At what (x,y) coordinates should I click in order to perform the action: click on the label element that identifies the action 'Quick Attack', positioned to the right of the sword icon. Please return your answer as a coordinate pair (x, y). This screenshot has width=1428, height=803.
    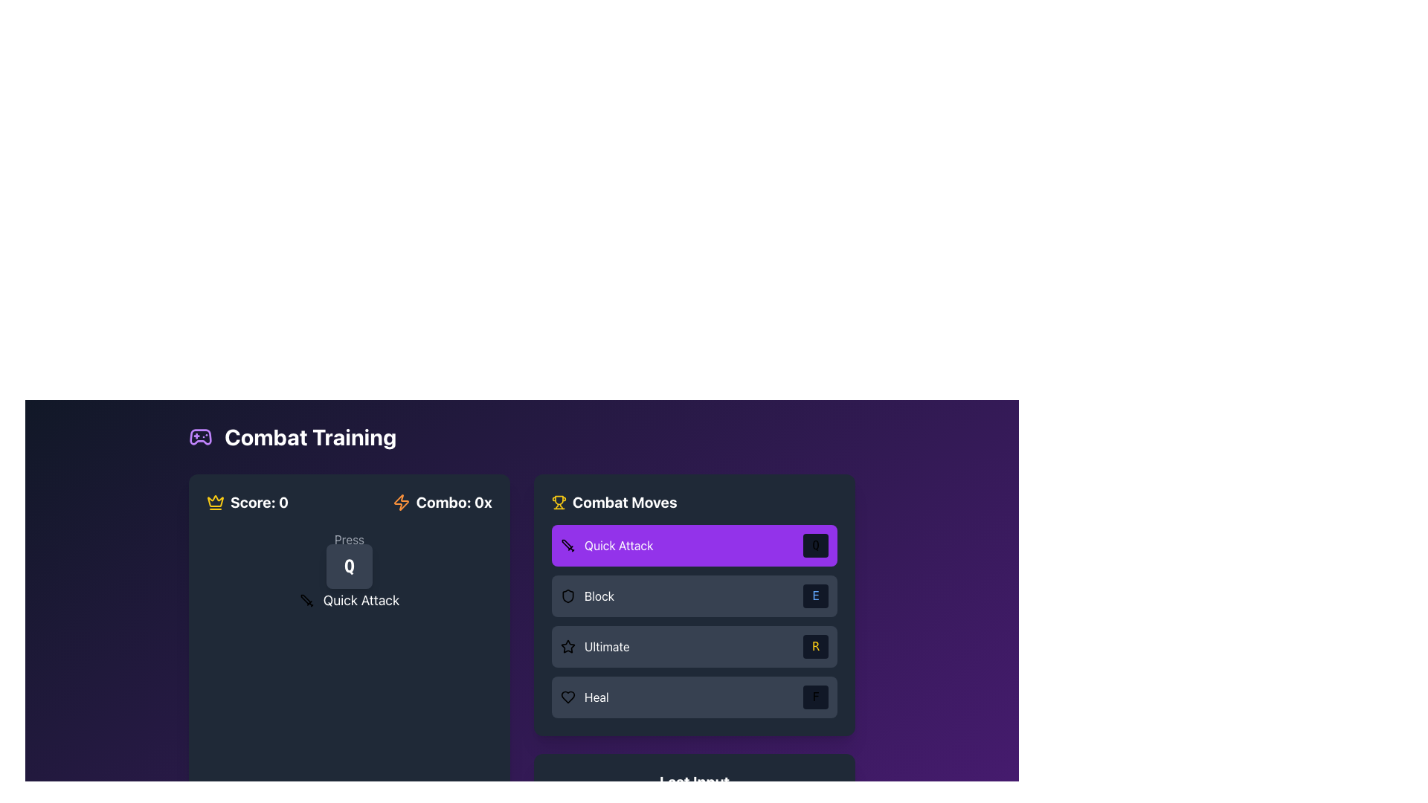
    Looking at the image, I should click on (361, 599).